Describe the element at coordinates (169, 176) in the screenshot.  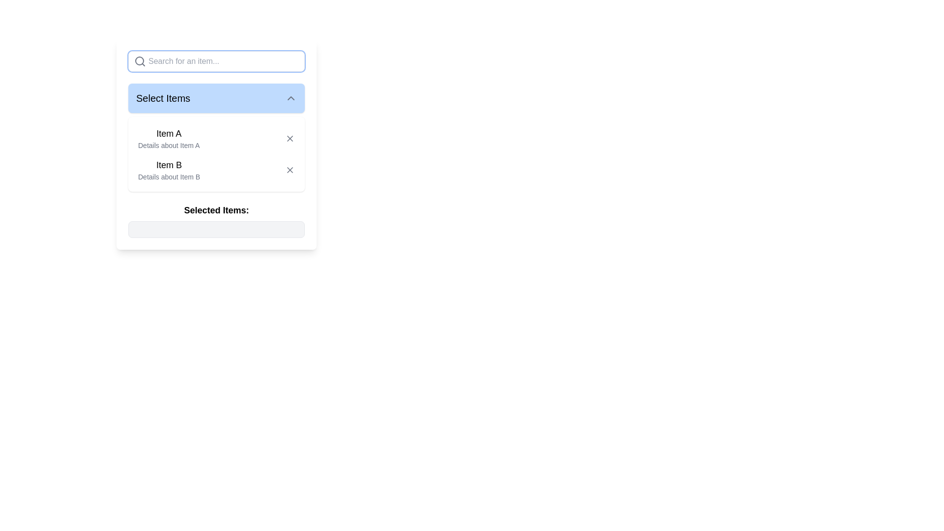
I see `the static text label displaying 'Details about Item B', which is positioned directly below the main label 'Item B'` at that location.